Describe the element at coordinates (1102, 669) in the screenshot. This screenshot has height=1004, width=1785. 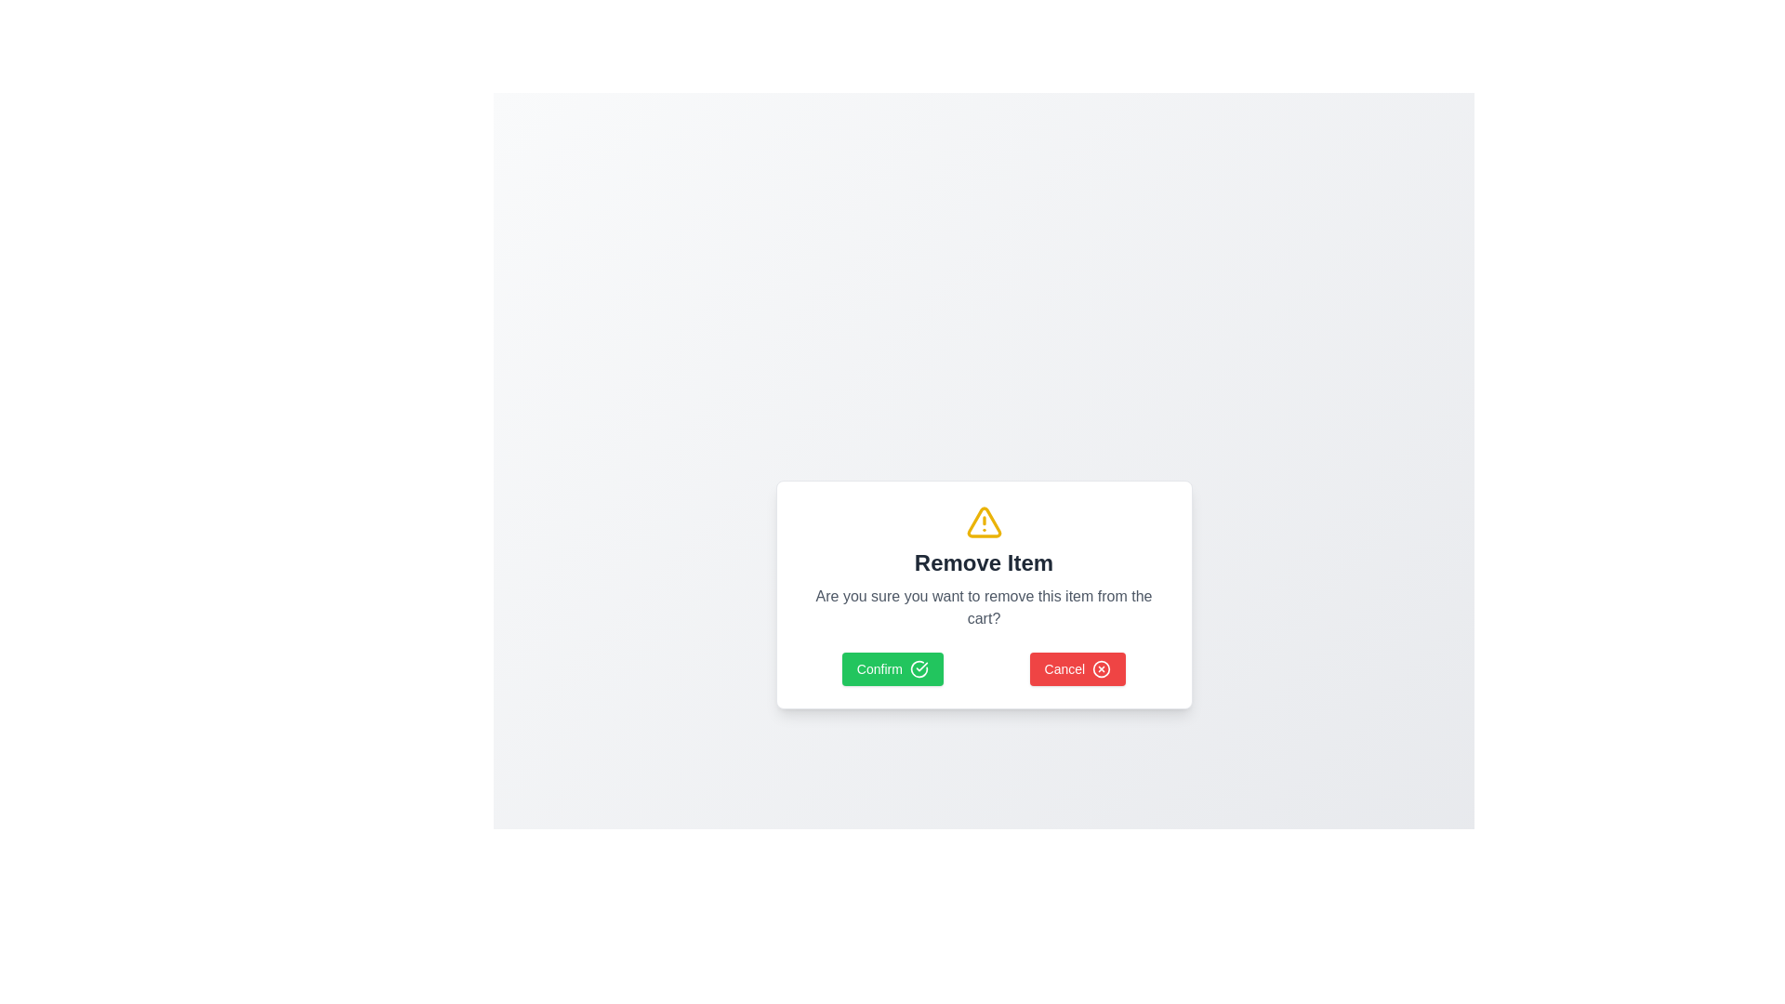
I see `the circular graphical element that denotes the 'Cancel' action located inside the red-bordered button in the bottom-right section of the notification interface` at that location.